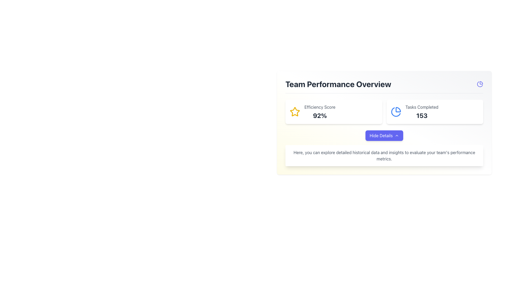  I want to click on the pie chart icon styled in blue, which represents data visualization, located within the 'Tasks Completed 153' card, so click(396, 112).